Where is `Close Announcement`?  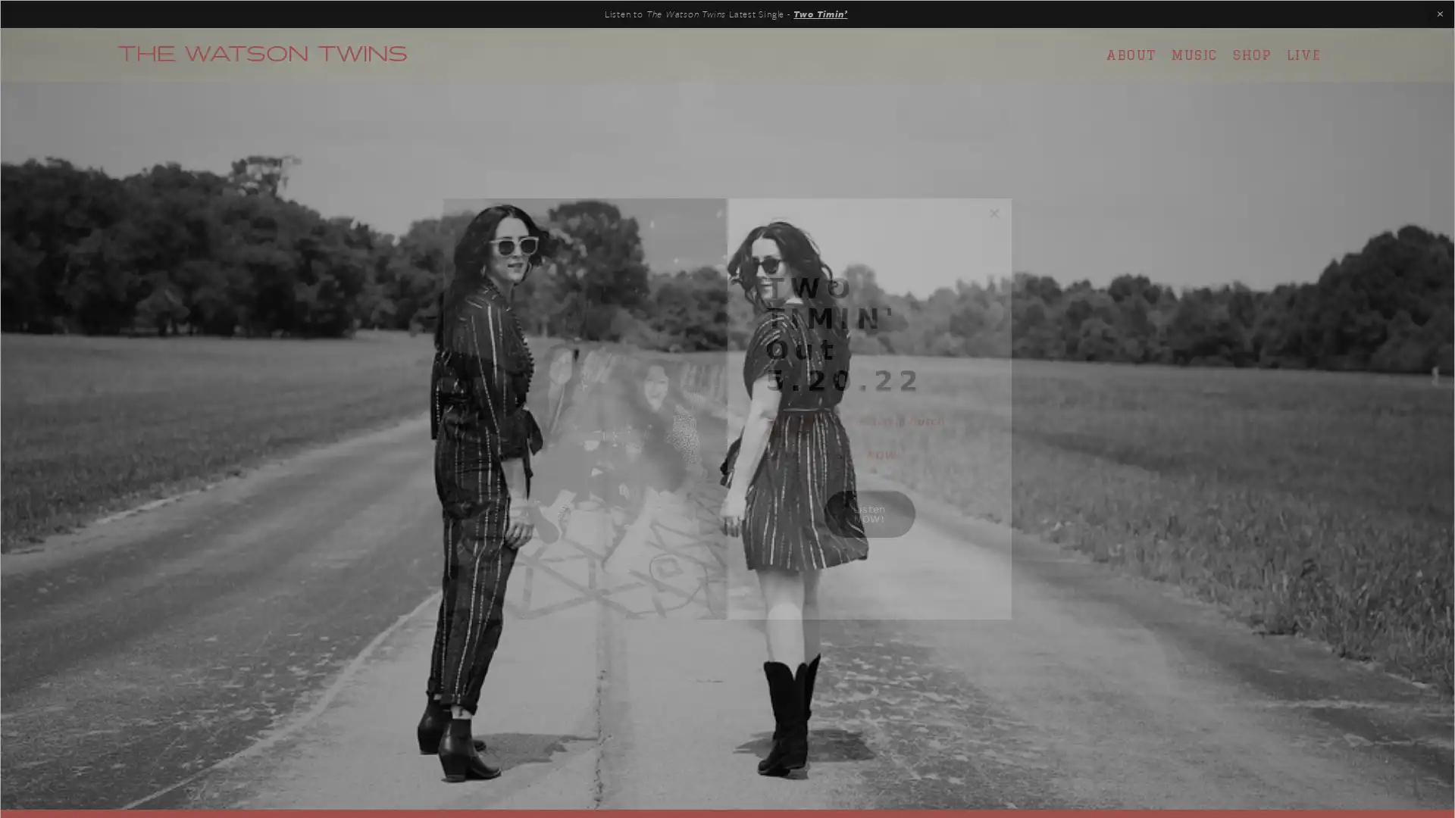
Close Announcement is located at coordinates (1439, 14).